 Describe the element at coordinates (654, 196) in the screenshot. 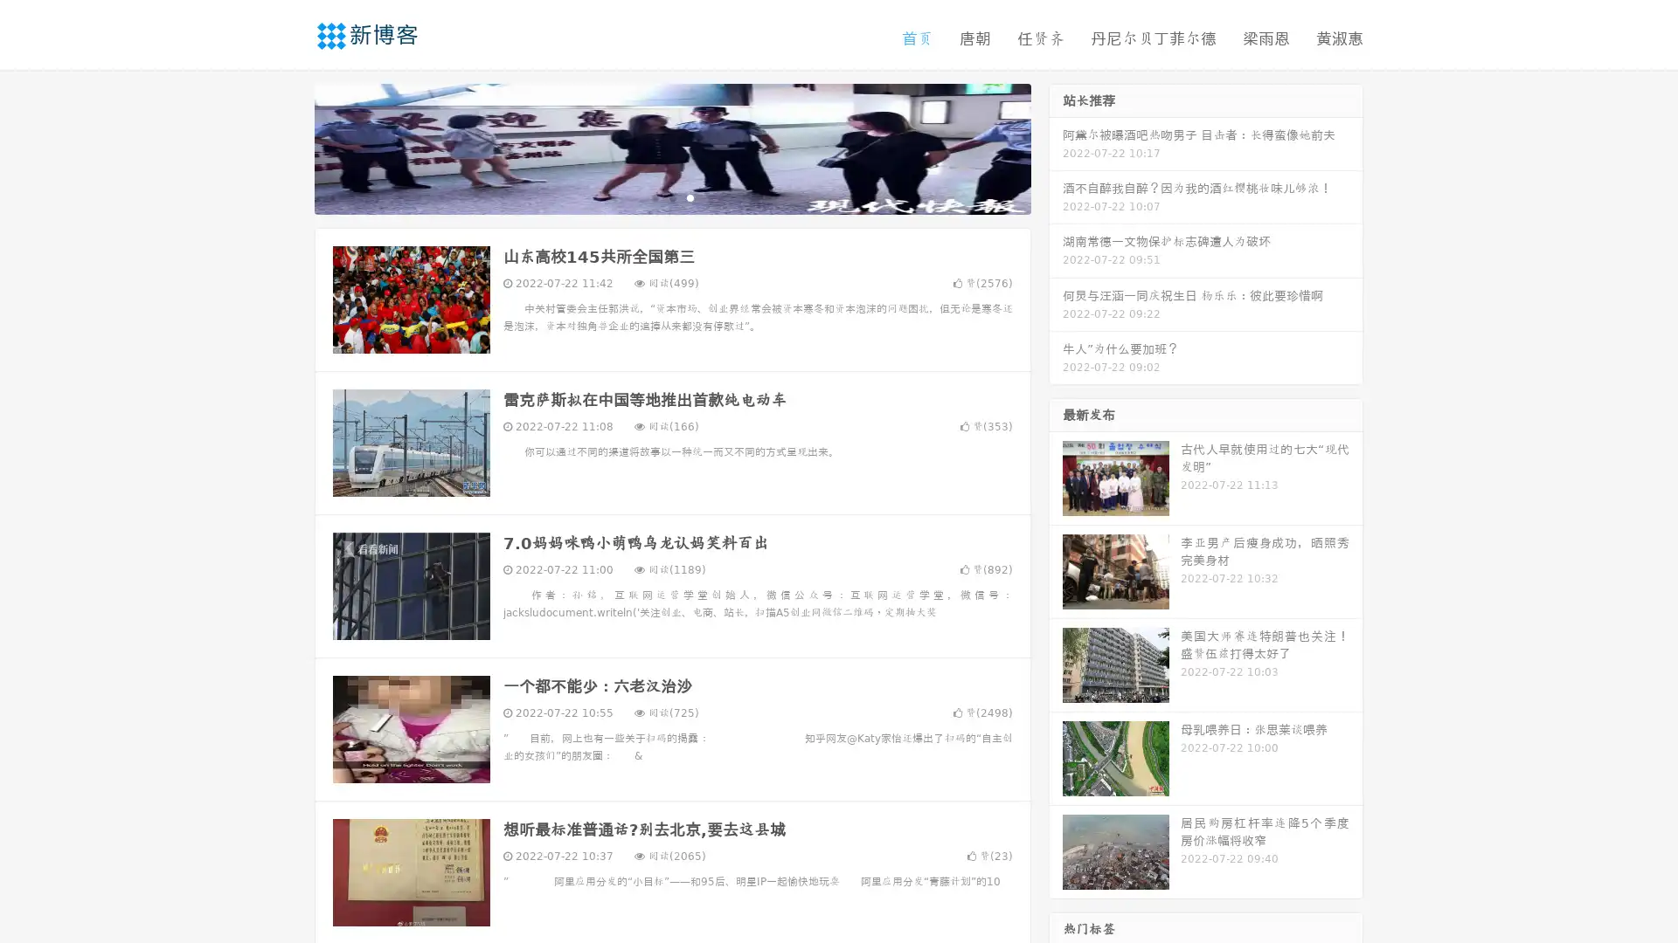

I see `Go to slide 1` at that location.